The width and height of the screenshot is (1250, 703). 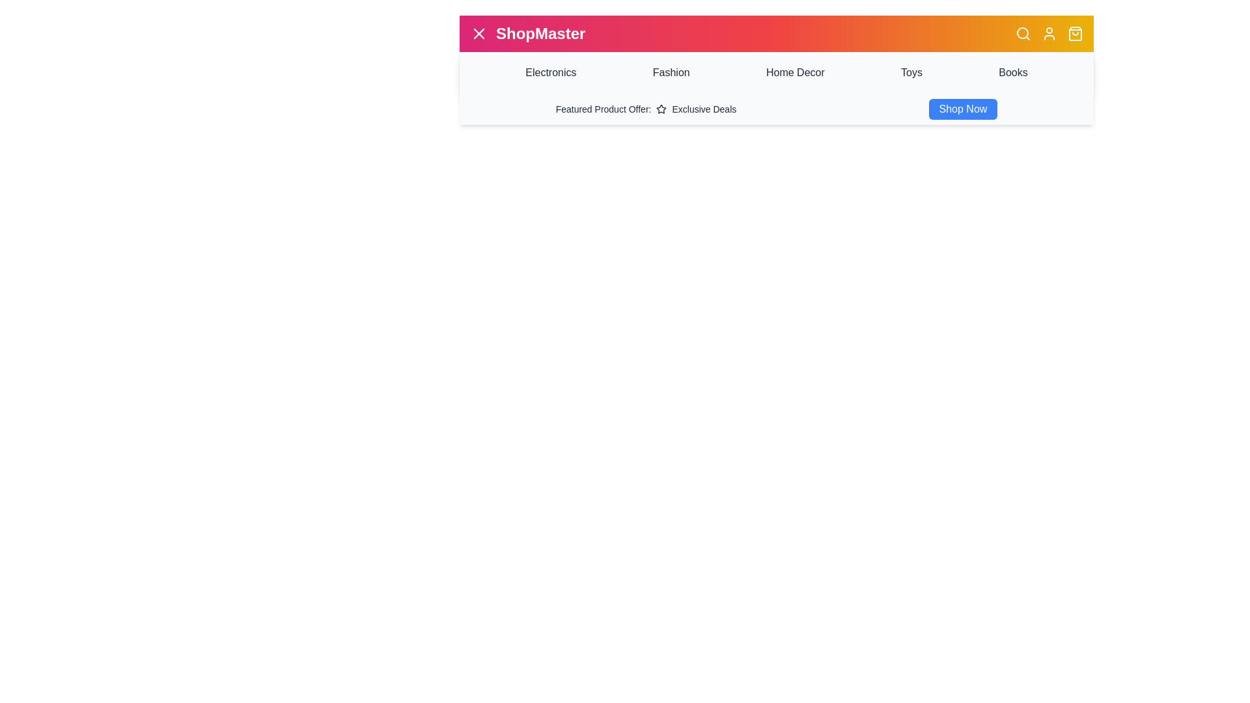 What do you see at coordinates (671, 72) in the screenshot?
I see `the category Fashion to navigate to the respective section` at bounding box center [671, 72].